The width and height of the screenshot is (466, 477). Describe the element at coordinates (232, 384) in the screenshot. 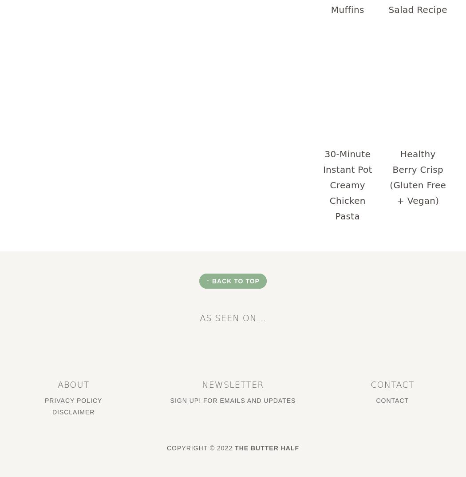

I see `'Newsletter'` at that location.